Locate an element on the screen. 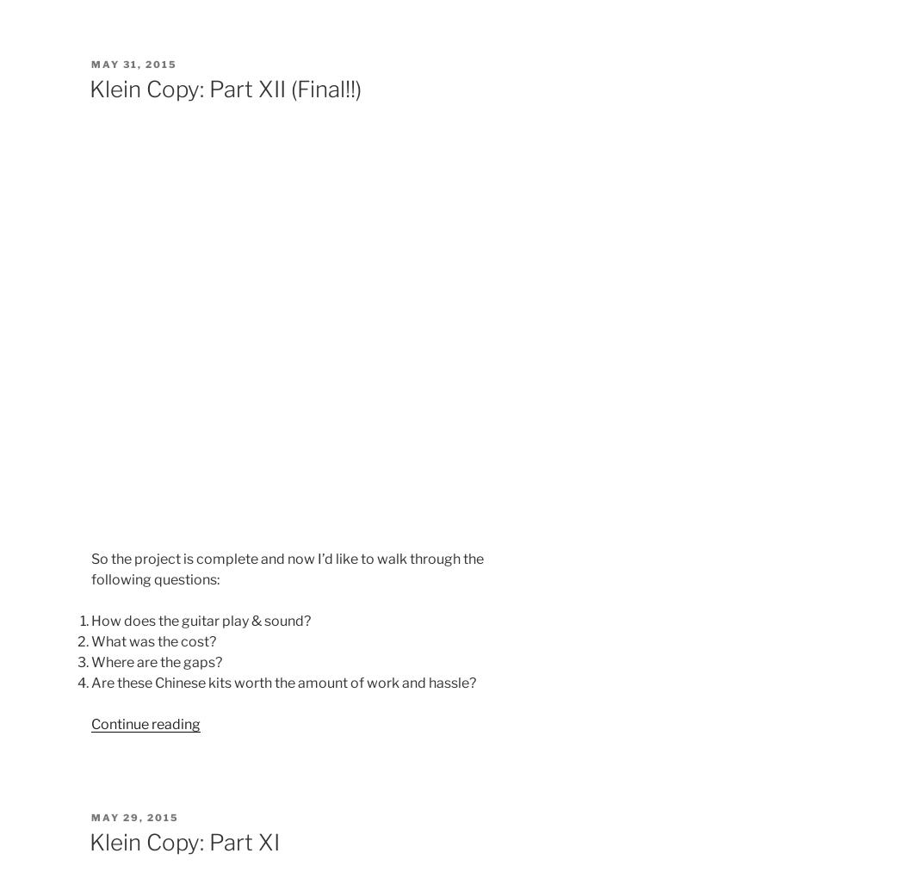 Image resolution: width=904 pixels, height=872 pixels. 'How does the guitar play & sound?' is located at coordinates (200, 620).